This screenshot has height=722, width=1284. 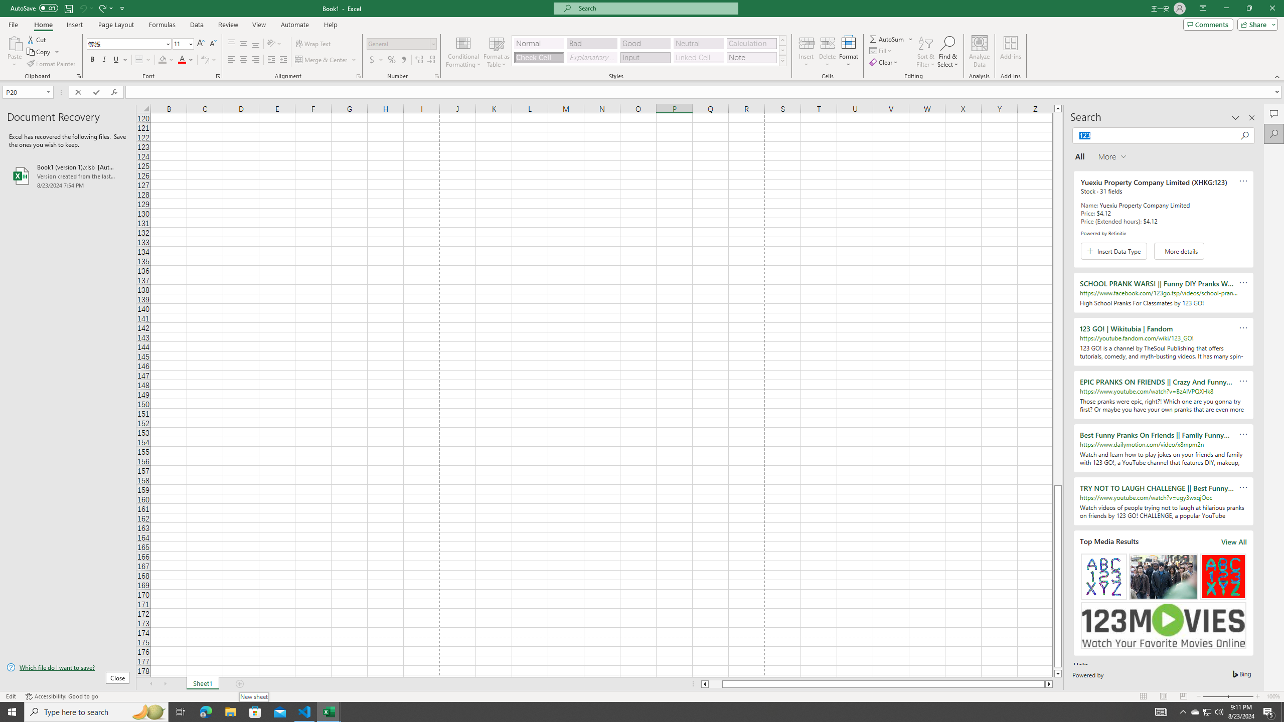 I want to click on 'Format Painter', so click(x=51, y=64).